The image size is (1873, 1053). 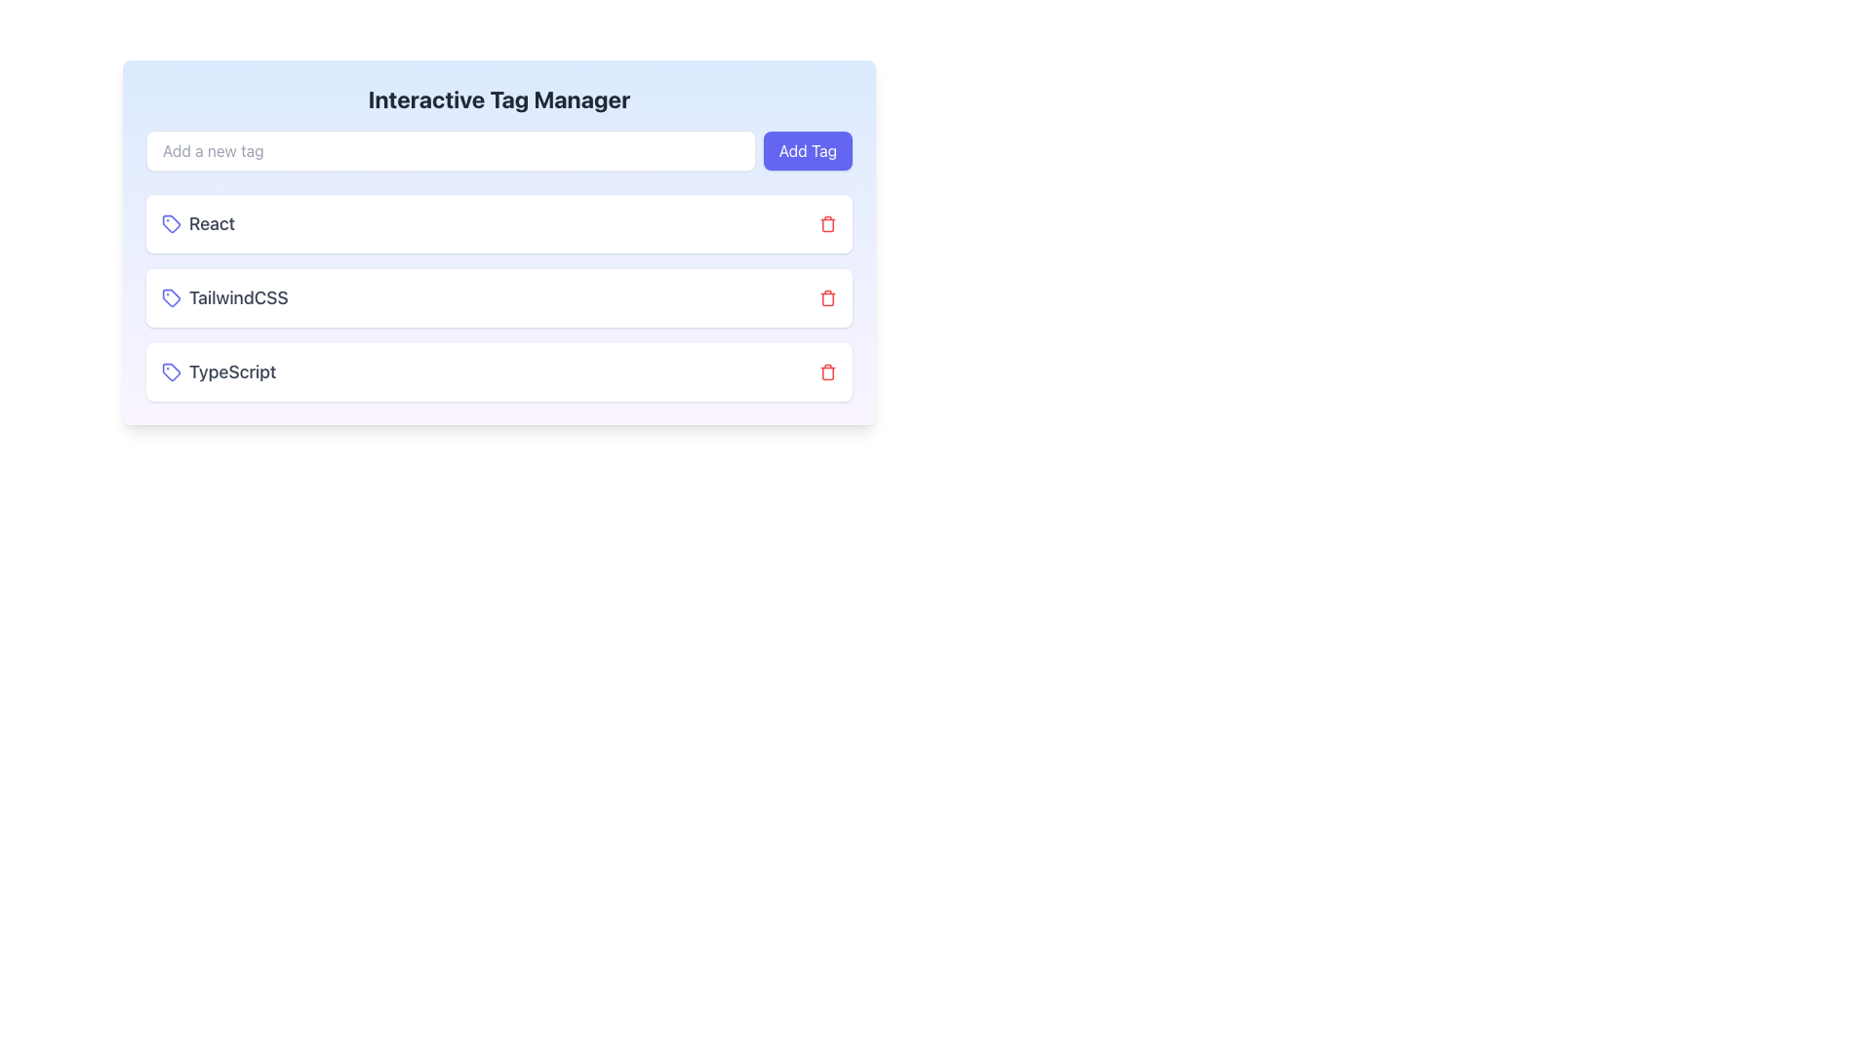 I want to click on the indigo-colored tag icon representing a categorization or labeling within the SVG graphic, positioned towards the upper region of the 'TailwindCSS' labeled tag item, so click(x=172, y=297).